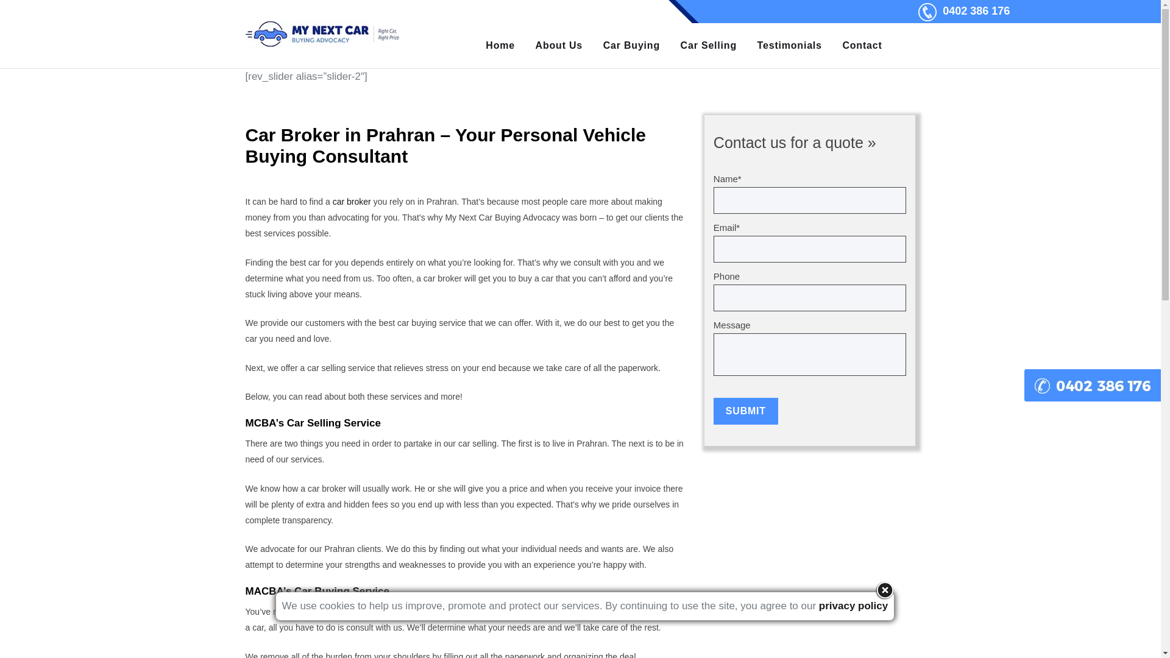  What do you see at coordinates (853, 606) in the screenshot?
I see `'privacy policy'` at bounding box center [853, 606].